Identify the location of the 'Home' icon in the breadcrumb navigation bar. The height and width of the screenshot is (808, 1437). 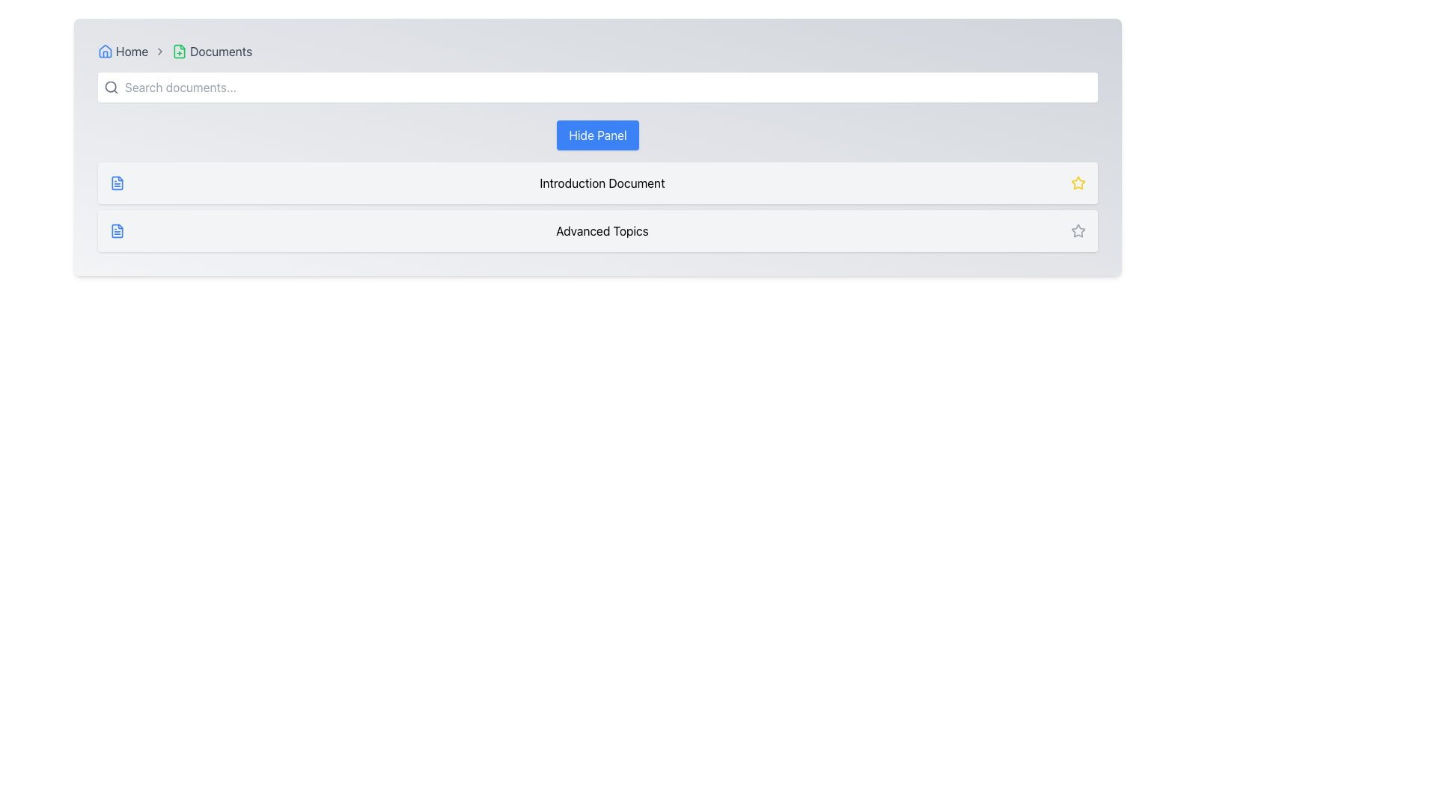
(104, 50).